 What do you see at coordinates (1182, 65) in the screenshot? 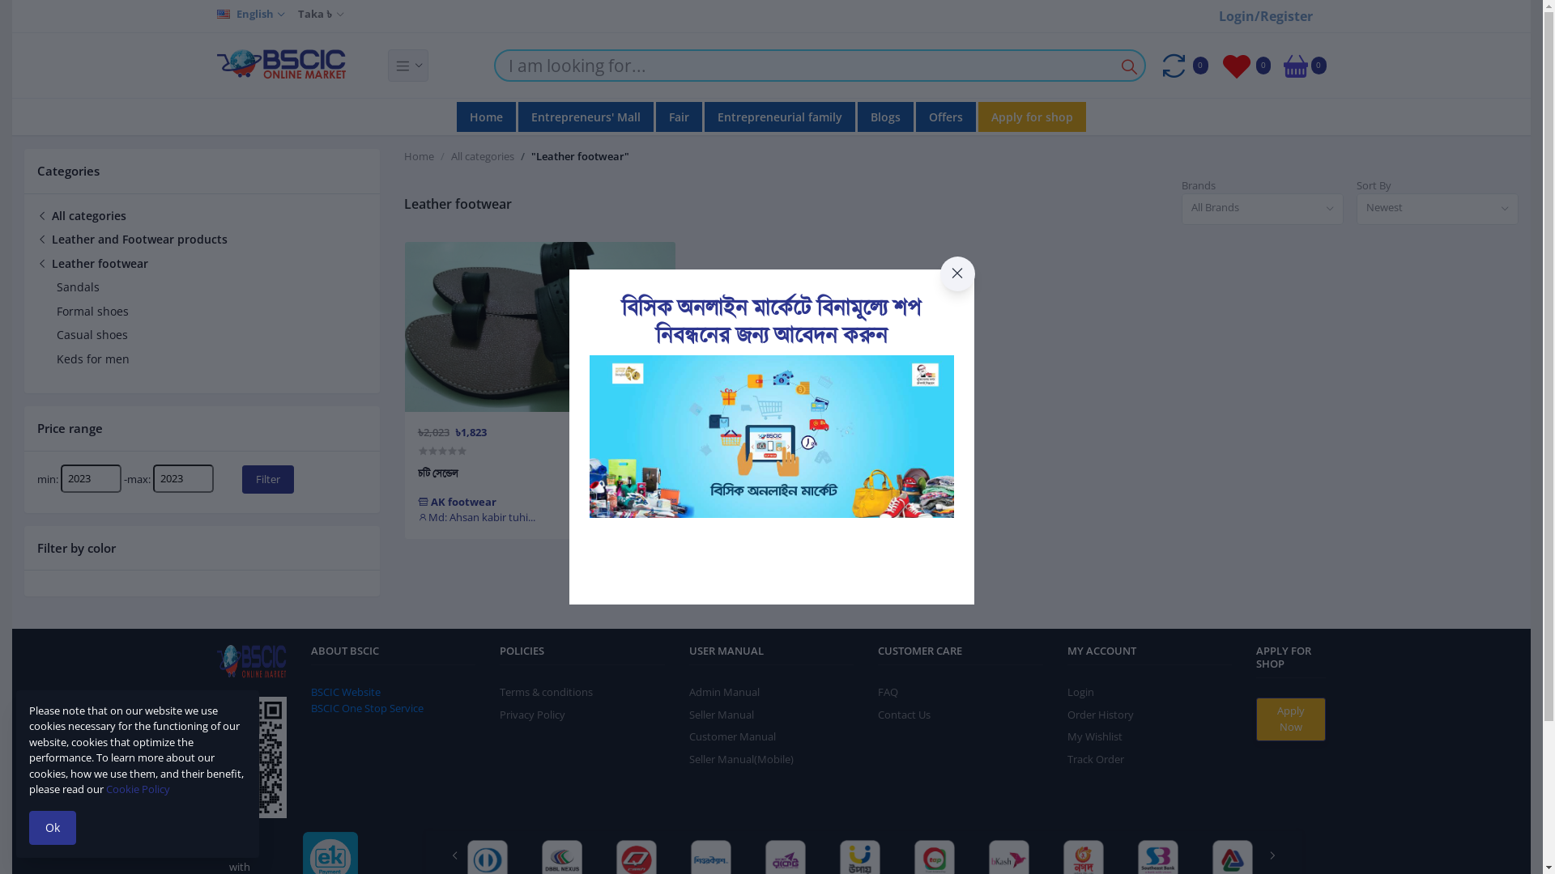
I see `'0'` at bounding box center [1182, 65].